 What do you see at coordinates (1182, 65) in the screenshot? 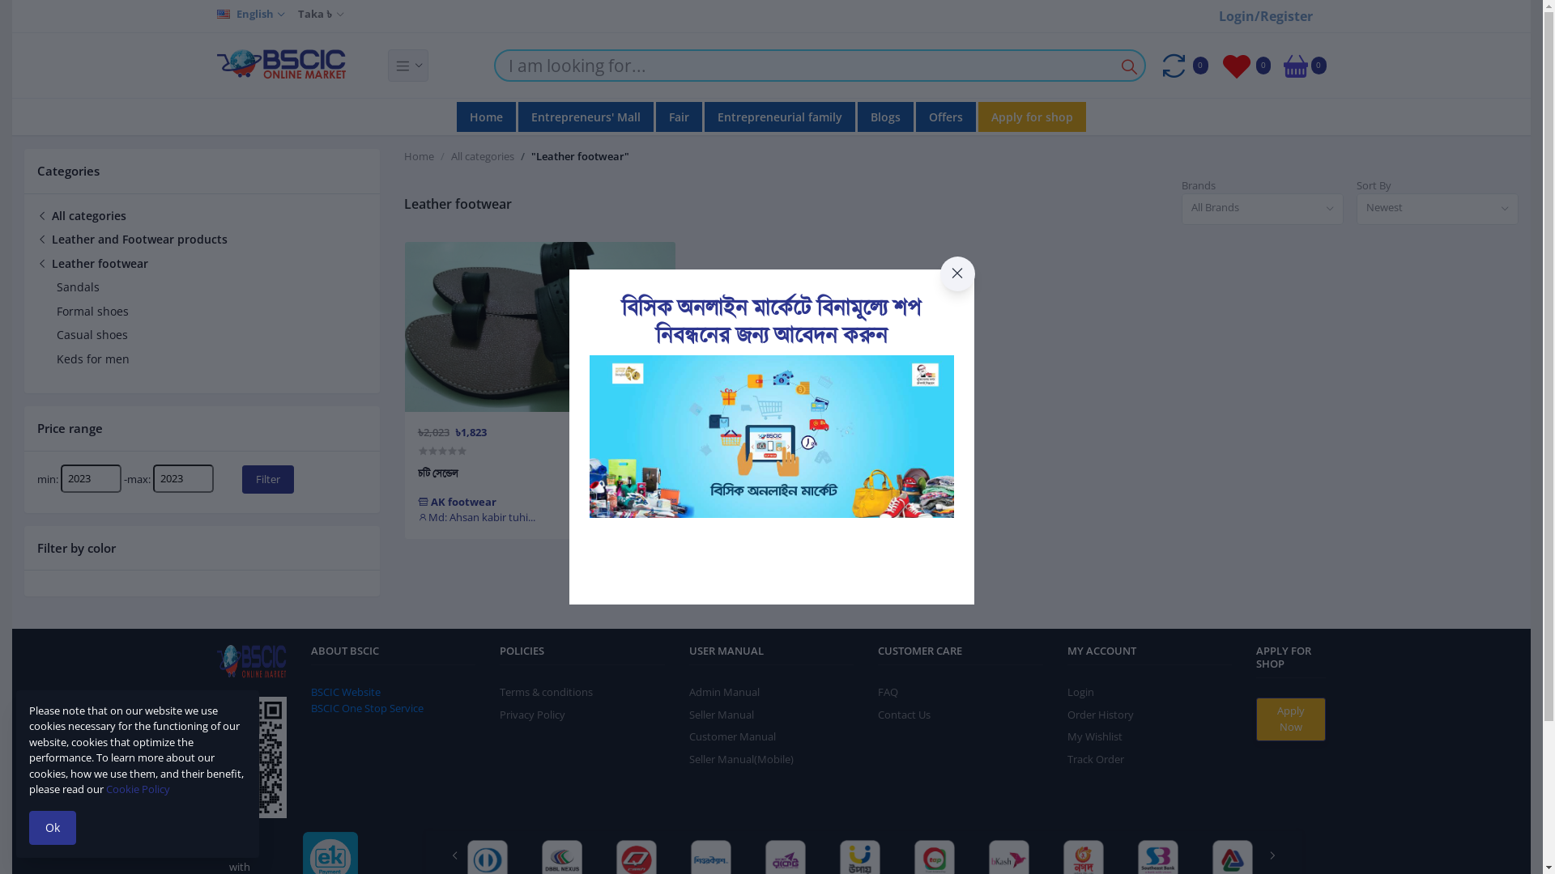
I see `'0'` at bounding box center [1182, 65].